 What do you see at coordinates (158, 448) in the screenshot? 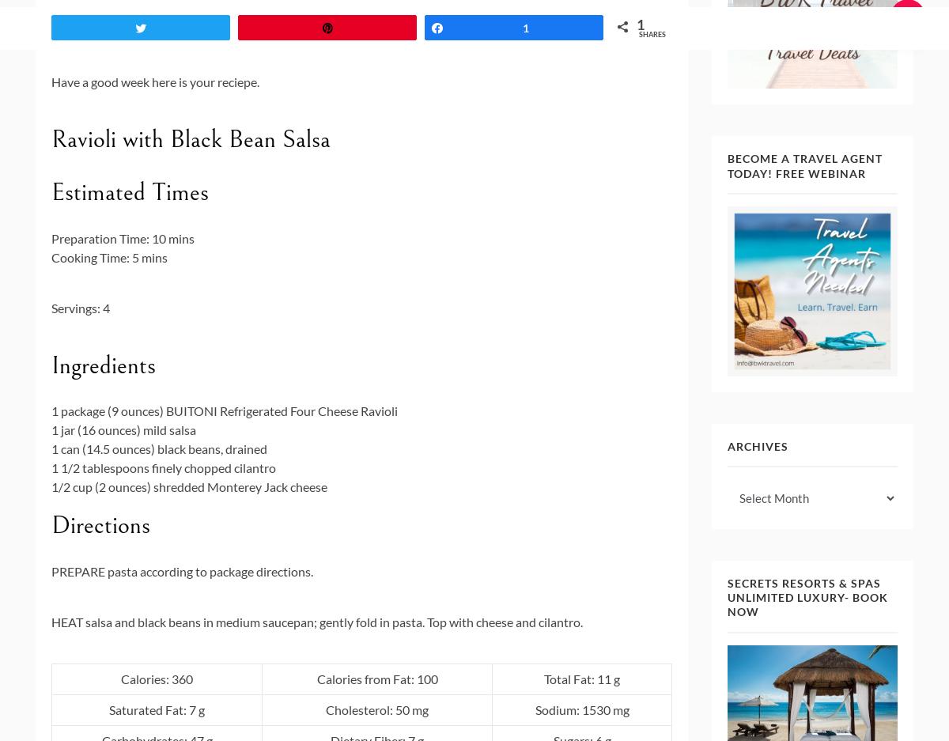
I see `'1 can (14.5 ounces) black beans, drained'` at bounding box center [158, 448].